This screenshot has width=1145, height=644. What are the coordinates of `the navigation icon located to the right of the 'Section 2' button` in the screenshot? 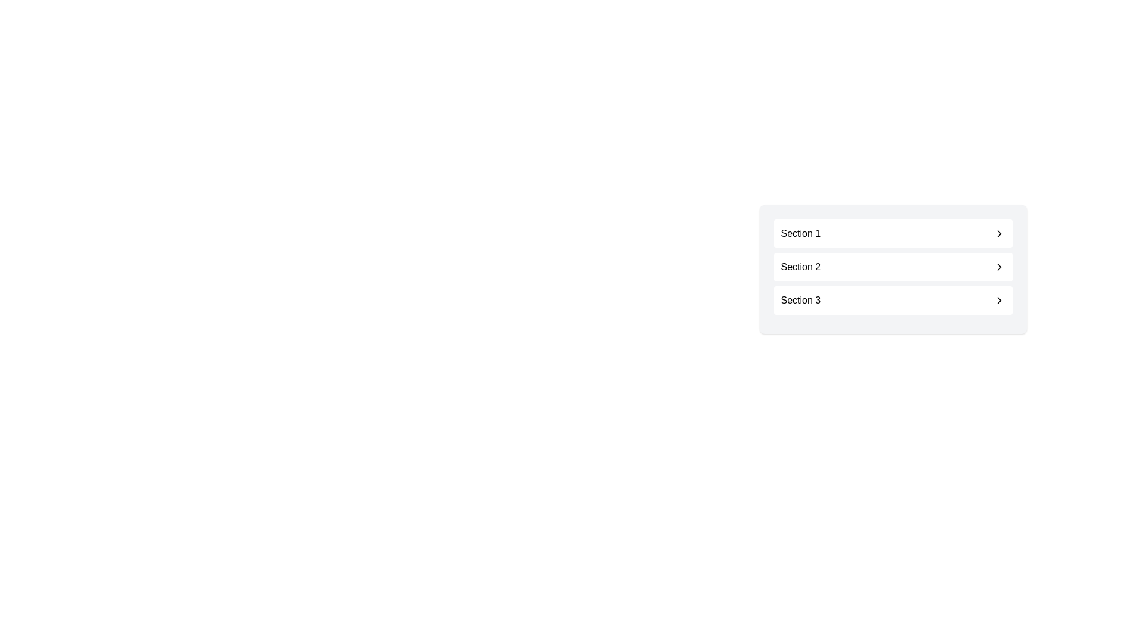 It's located at (999, 266).